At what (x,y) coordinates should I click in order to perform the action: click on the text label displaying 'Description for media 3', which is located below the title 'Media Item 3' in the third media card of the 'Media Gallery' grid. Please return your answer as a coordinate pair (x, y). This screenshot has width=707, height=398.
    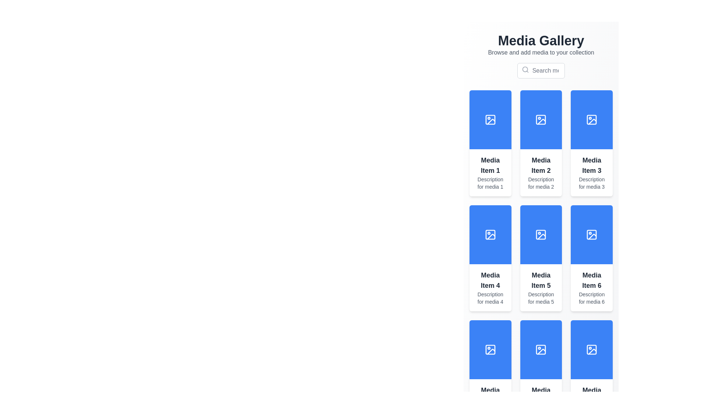
    Looking at the image, I should click on (592, 183).